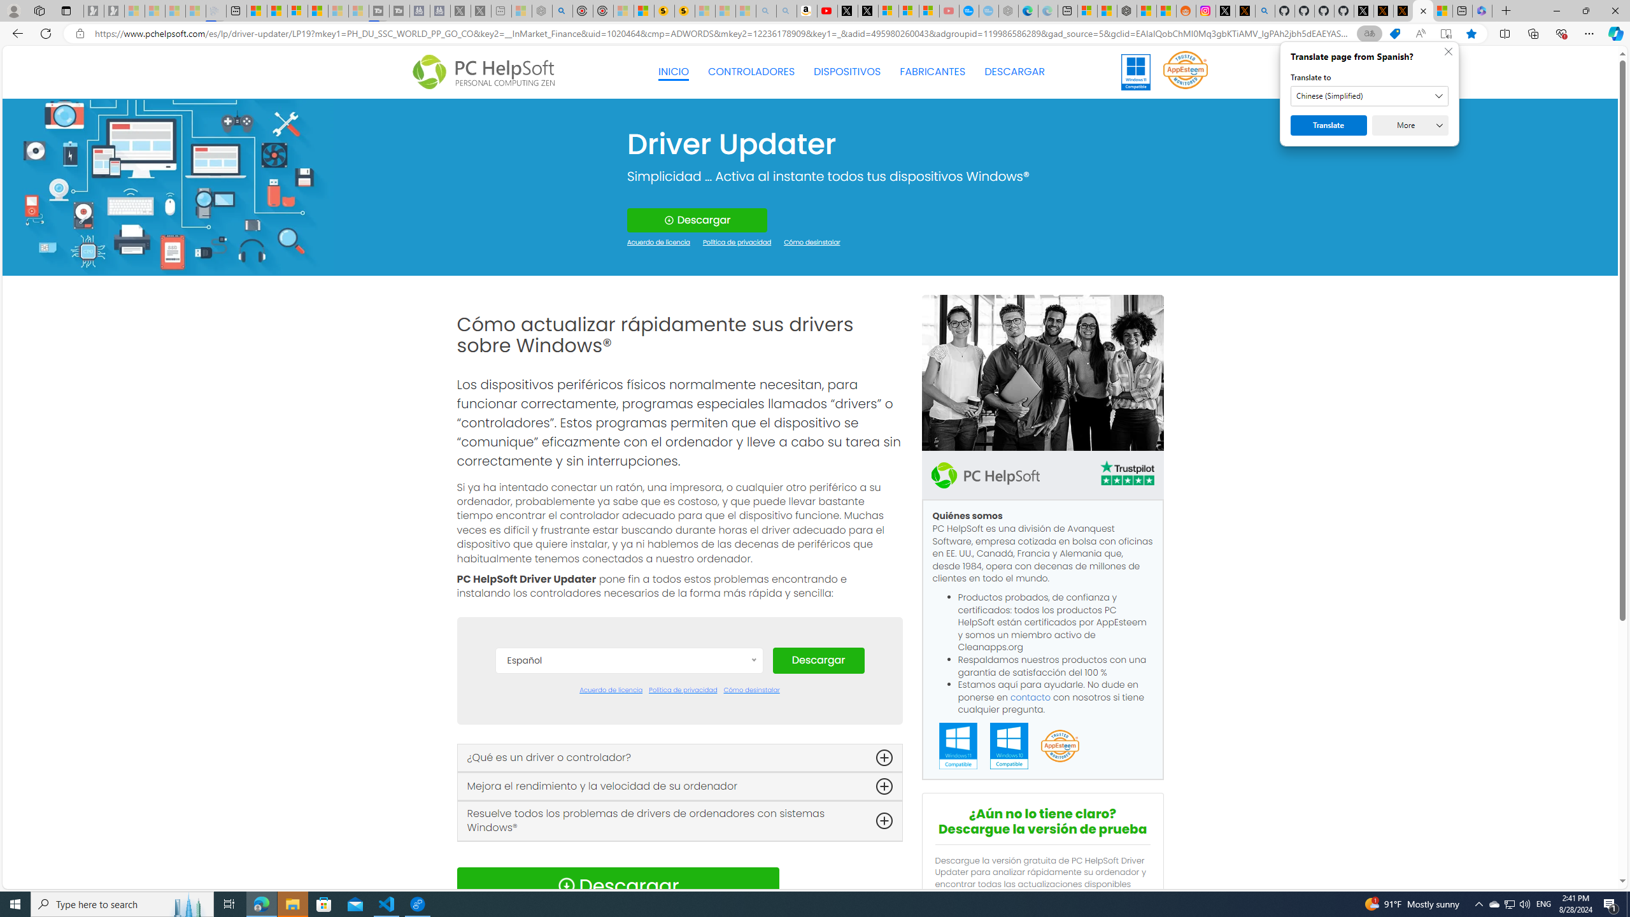  Describe the element at coordinates (1394, 34) in the screenshot. I see `'Shopping in Microsoft Edge'` at that location.